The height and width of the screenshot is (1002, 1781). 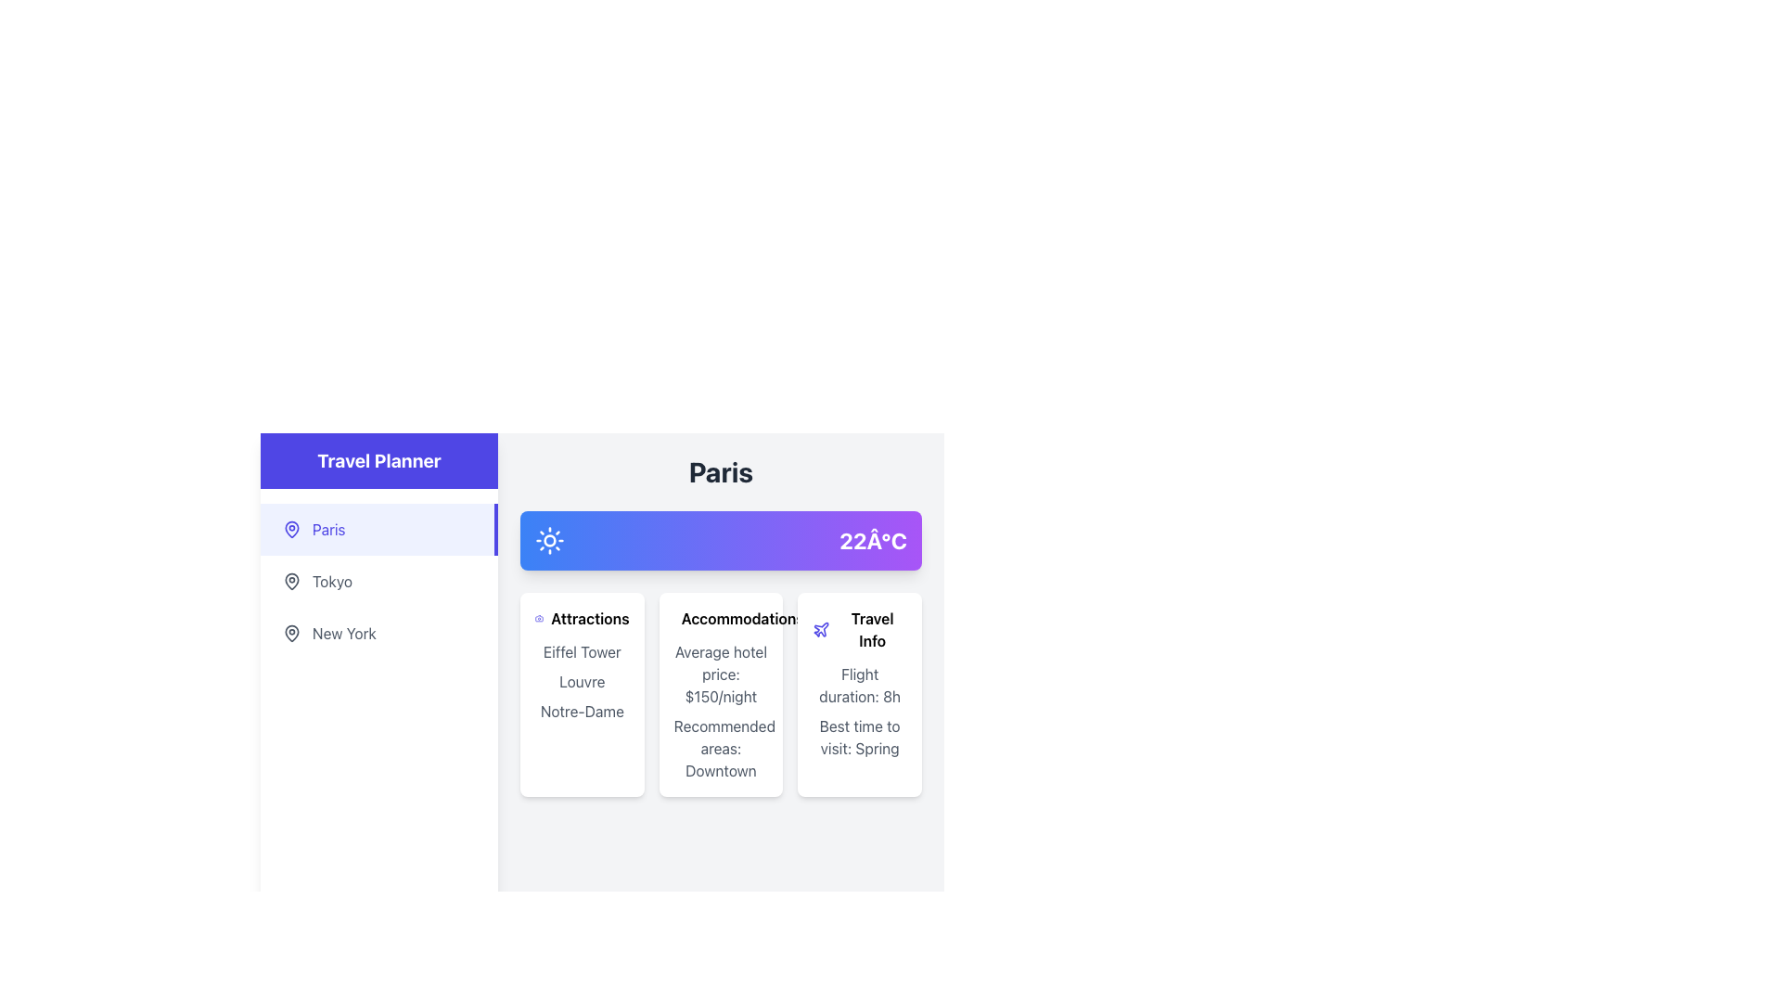 I want to click on the map pin icon located to the left of the text 'Paris', so click(x=291, y=529).